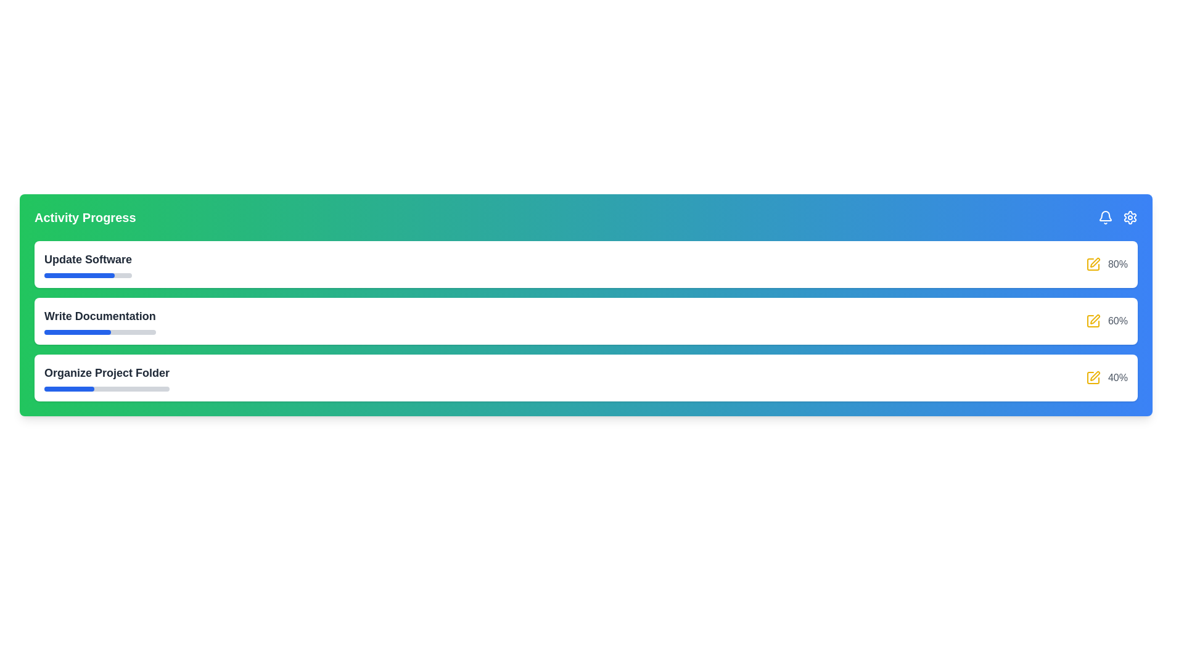 The height and width of the screenshot is (666, 1184). What do you see at coordinates (88, 263) in the screenshot?
I see `text element displaying 'Update Software' which is bold and slightly enlarged, located below the green header labeled 'Activity Progress'` at bounding box center [88, 263].